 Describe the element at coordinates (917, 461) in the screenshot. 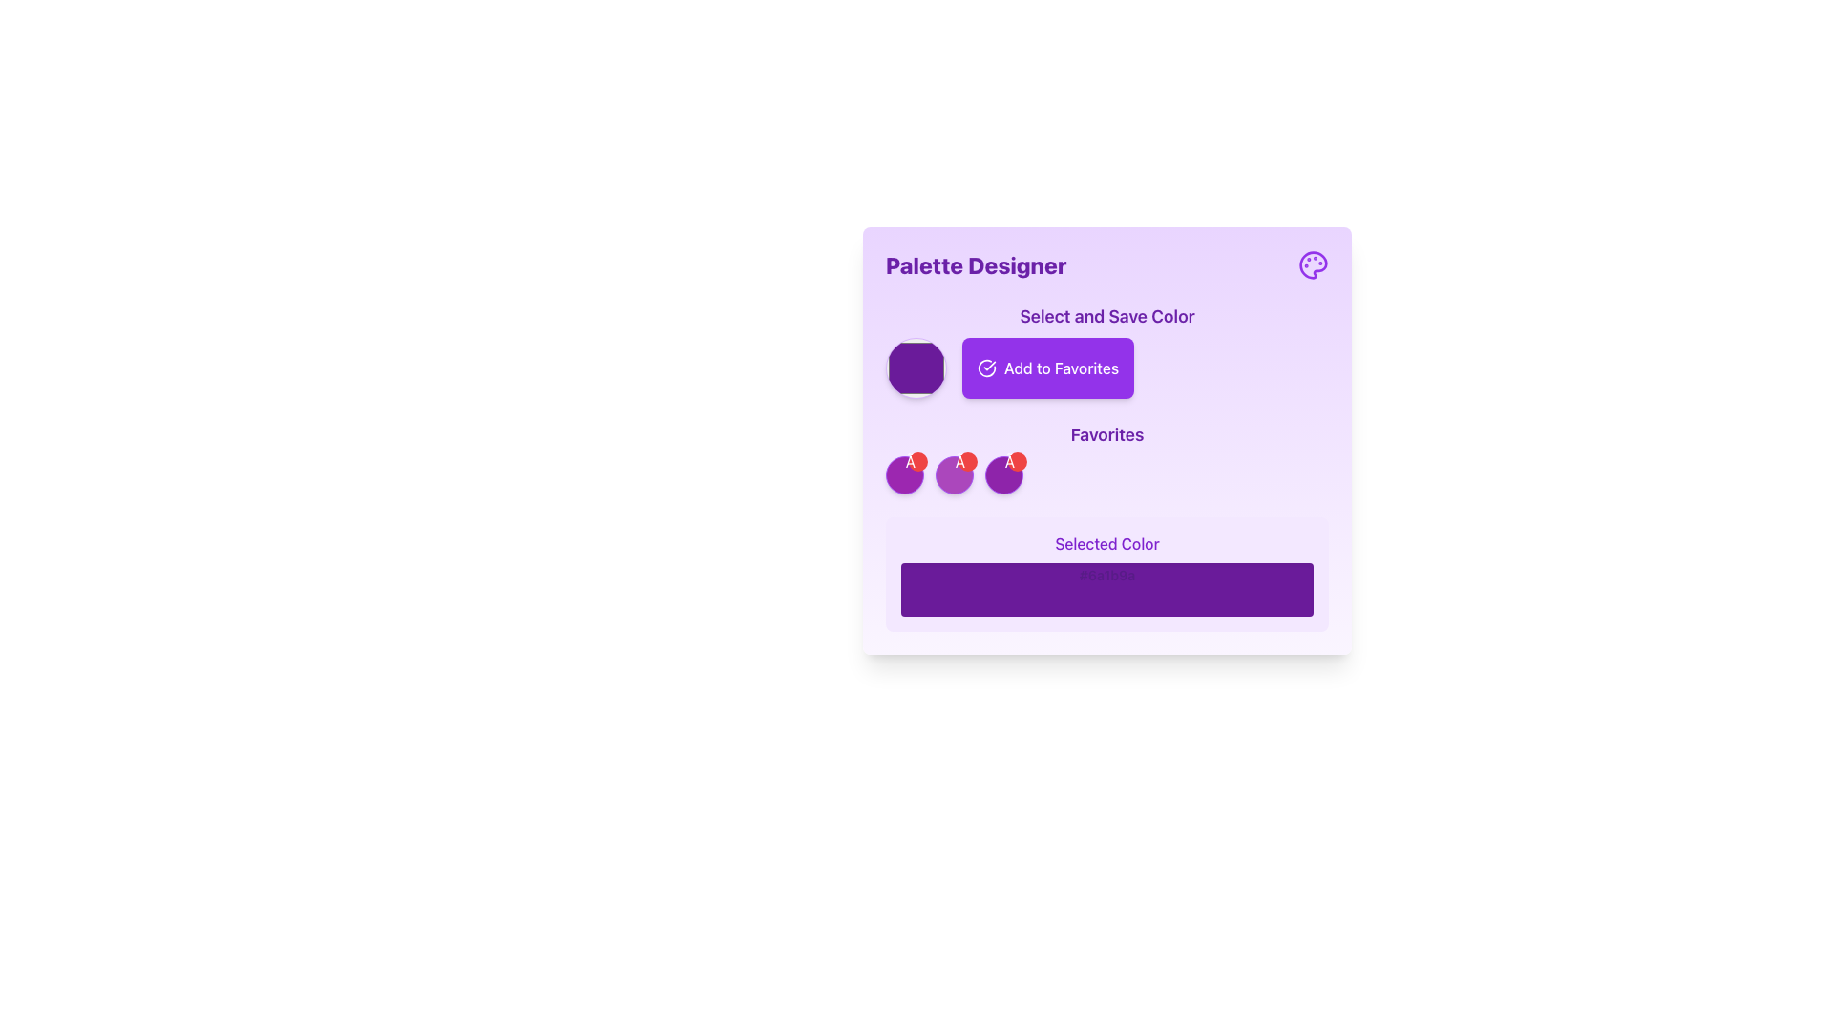

I see `the delete button located at the top-right corner of the purple-bordered circular element in the 'Favorites' section` at that location.